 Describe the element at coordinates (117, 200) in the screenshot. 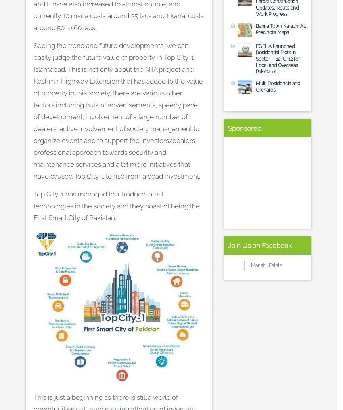

I see `'has managed to introduce latest technologies in the society and they boast of being the'` at that location.